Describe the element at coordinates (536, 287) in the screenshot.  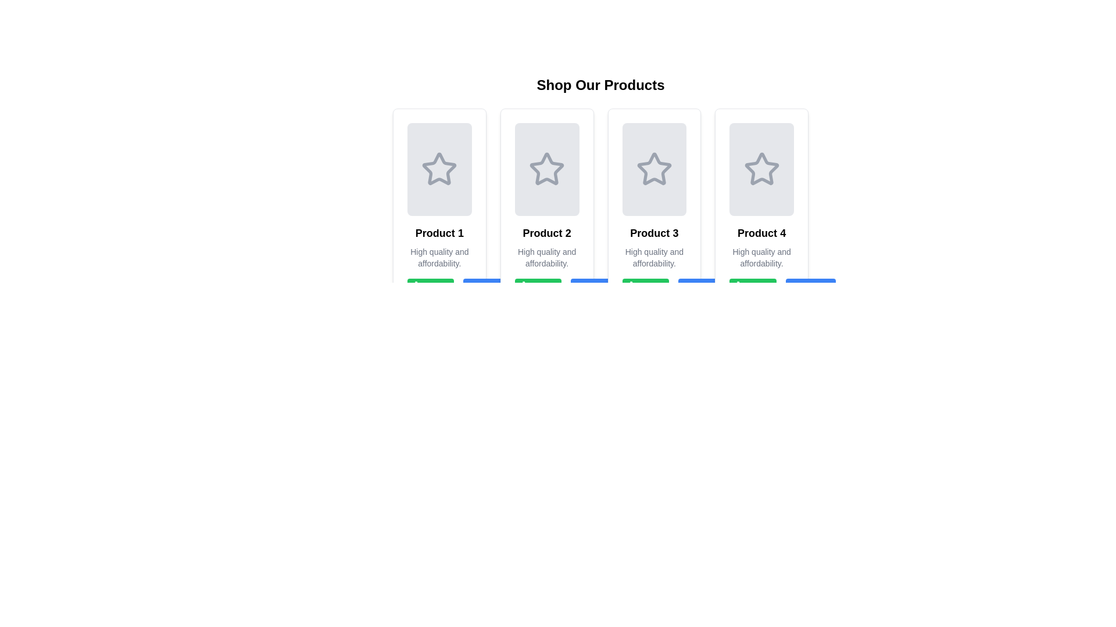
I see `the heart-shaped icon located centrally below the product name and image in the 'Product 2' card to favorite the product` at that location.